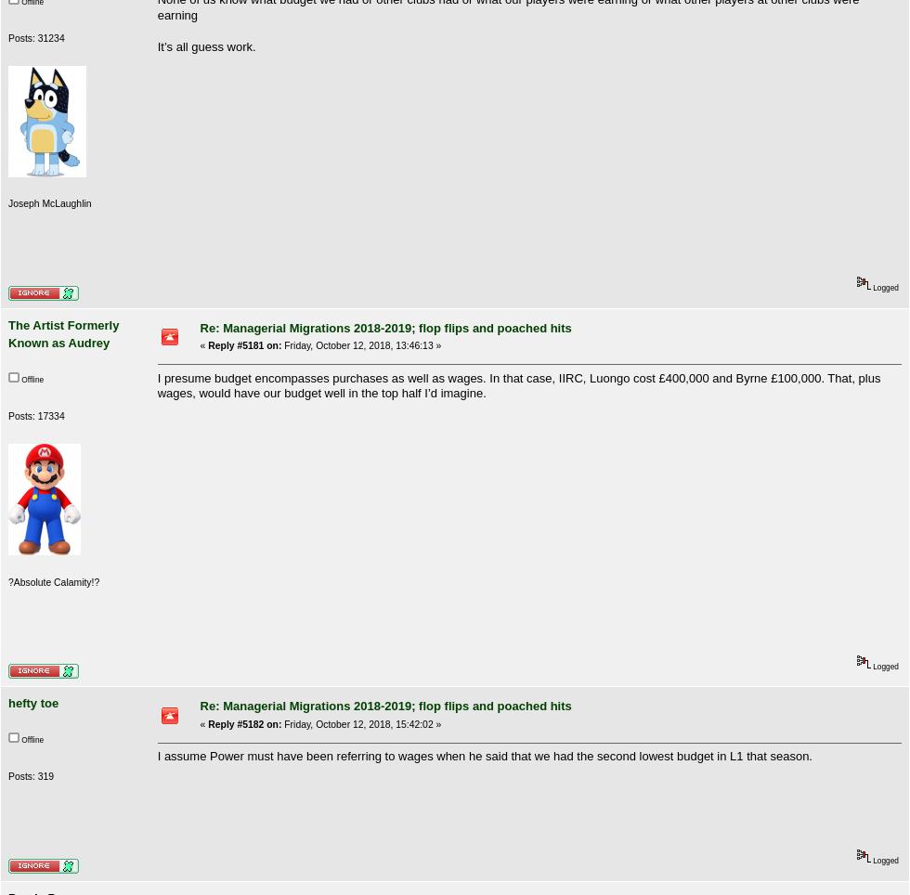 This screenshot has width=910, height=895. I want to click on 'Posts: 31234', so click(36, 36).